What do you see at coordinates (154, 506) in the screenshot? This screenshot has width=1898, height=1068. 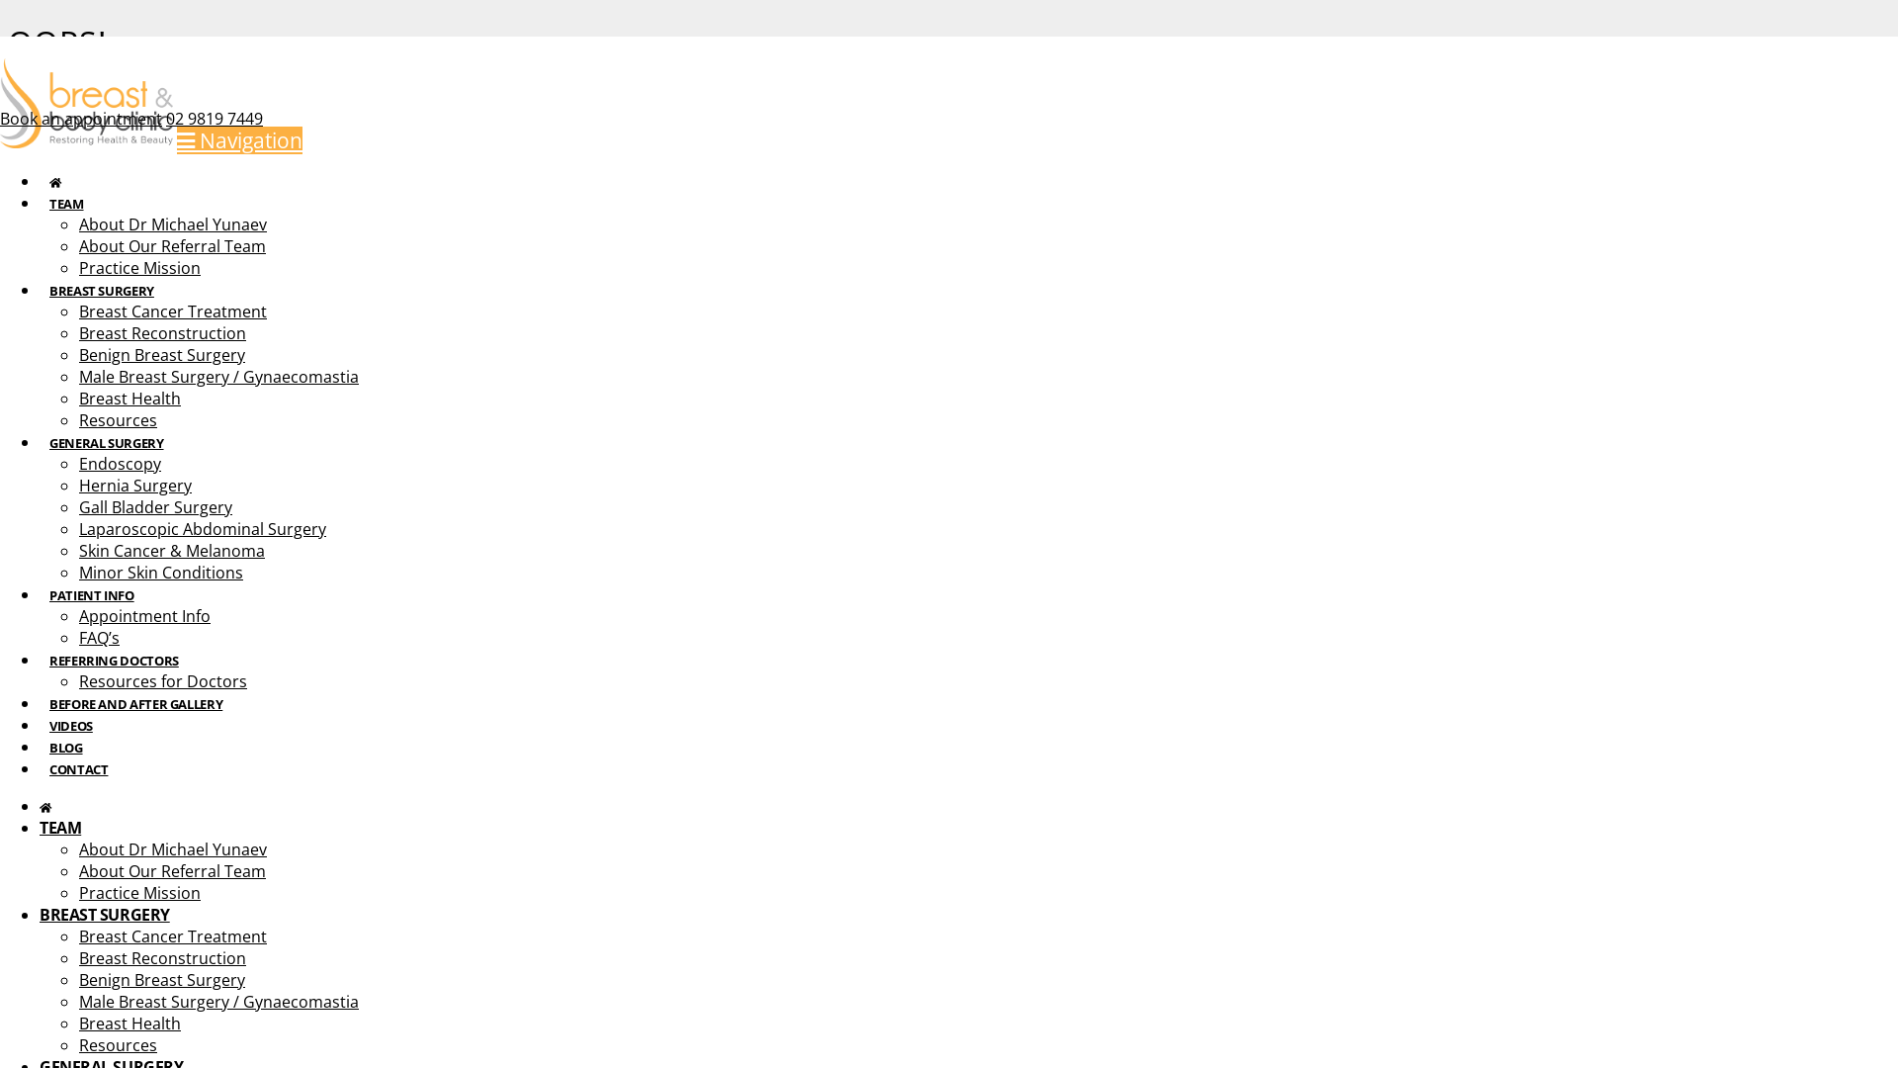 I see `'Gall Bladder Surgery'` at bounding box center [154, 506].